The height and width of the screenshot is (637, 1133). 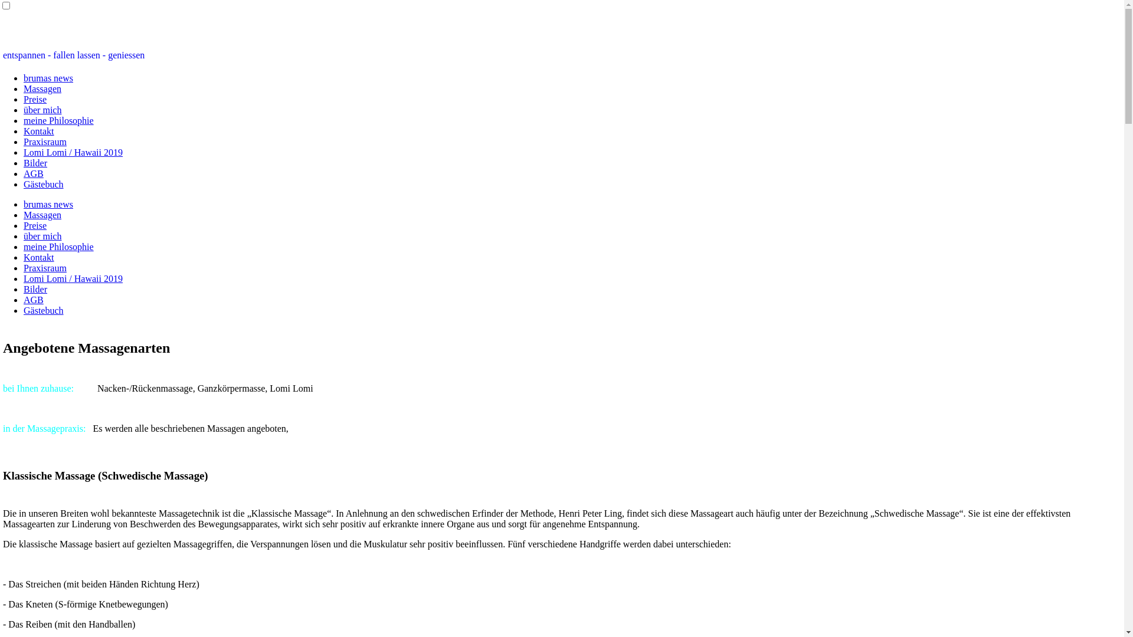 I want to click on 'Massagen', so click(x=42, y=215).